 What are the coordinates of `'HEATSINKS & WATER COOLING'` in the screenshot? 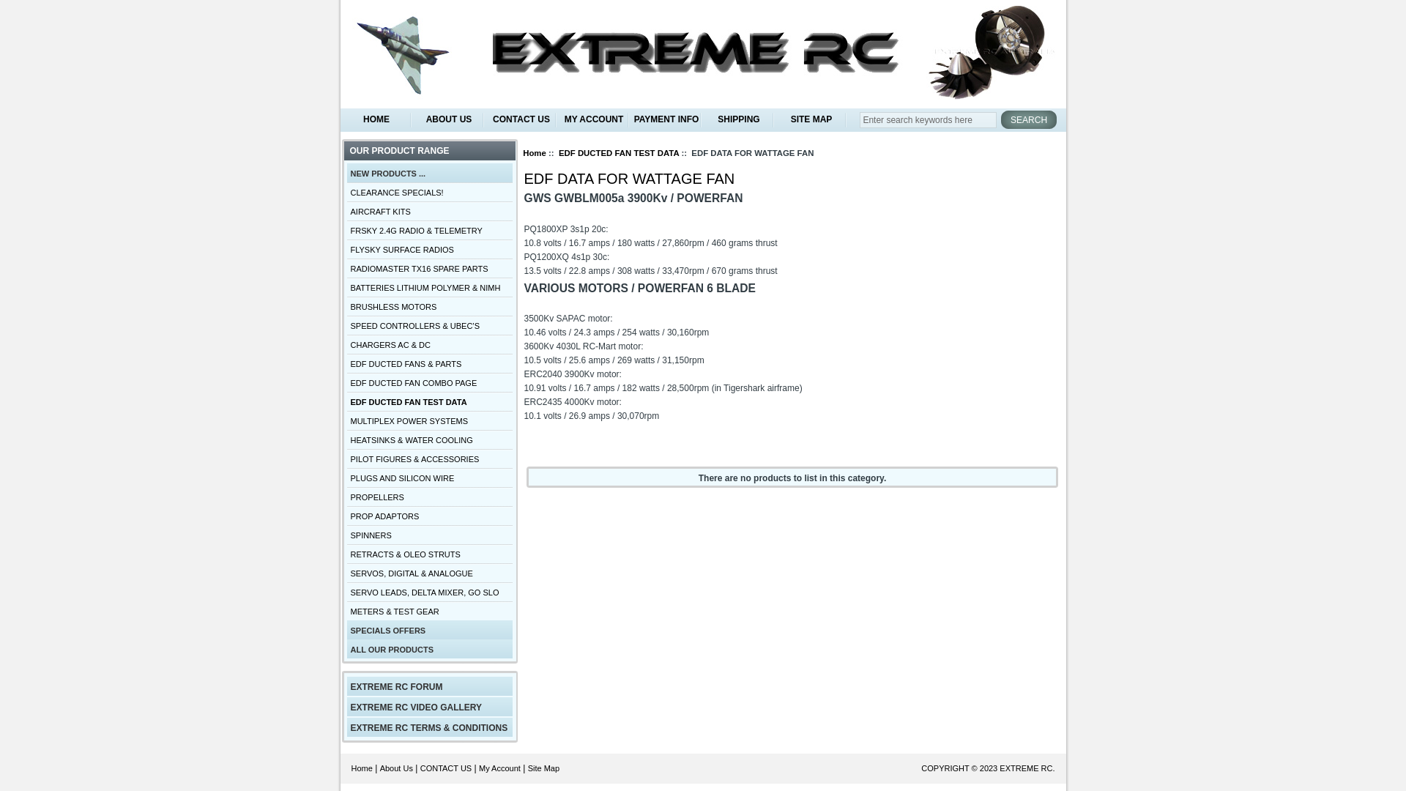 It's located at (346, 439).